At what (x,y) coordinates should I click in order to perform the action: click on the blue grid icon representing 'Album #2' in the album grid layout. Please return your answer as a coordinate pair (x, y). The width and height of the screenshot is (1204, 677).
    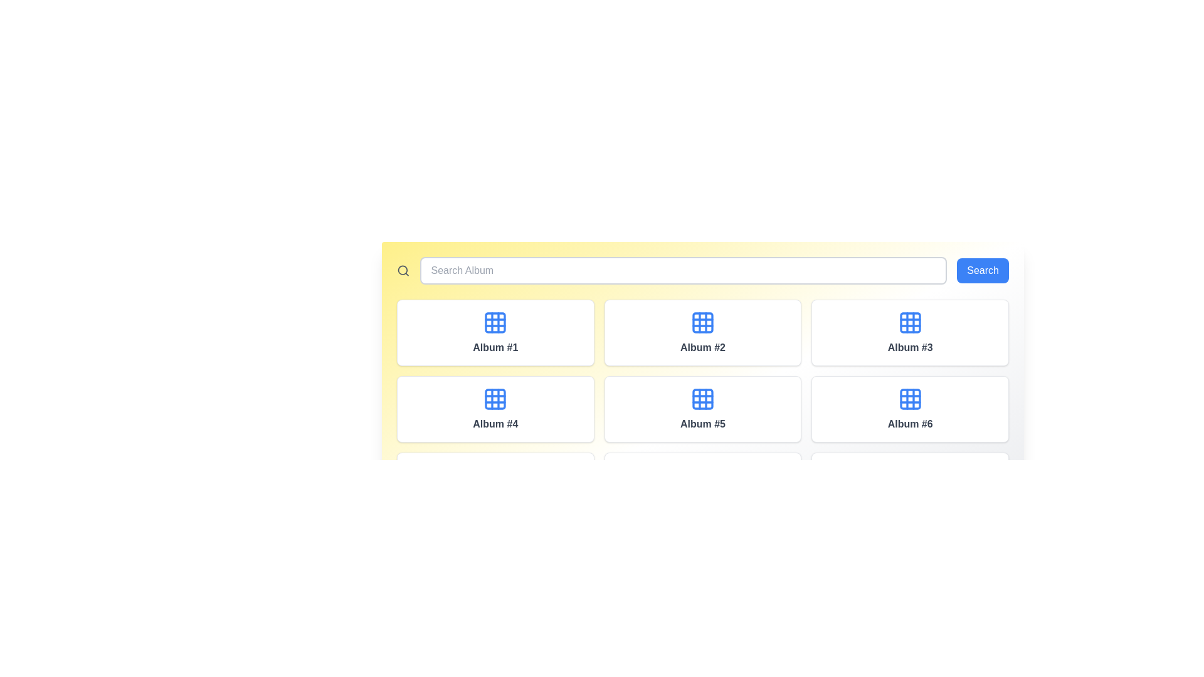
    Looking at the image, I should click on (702, 322).